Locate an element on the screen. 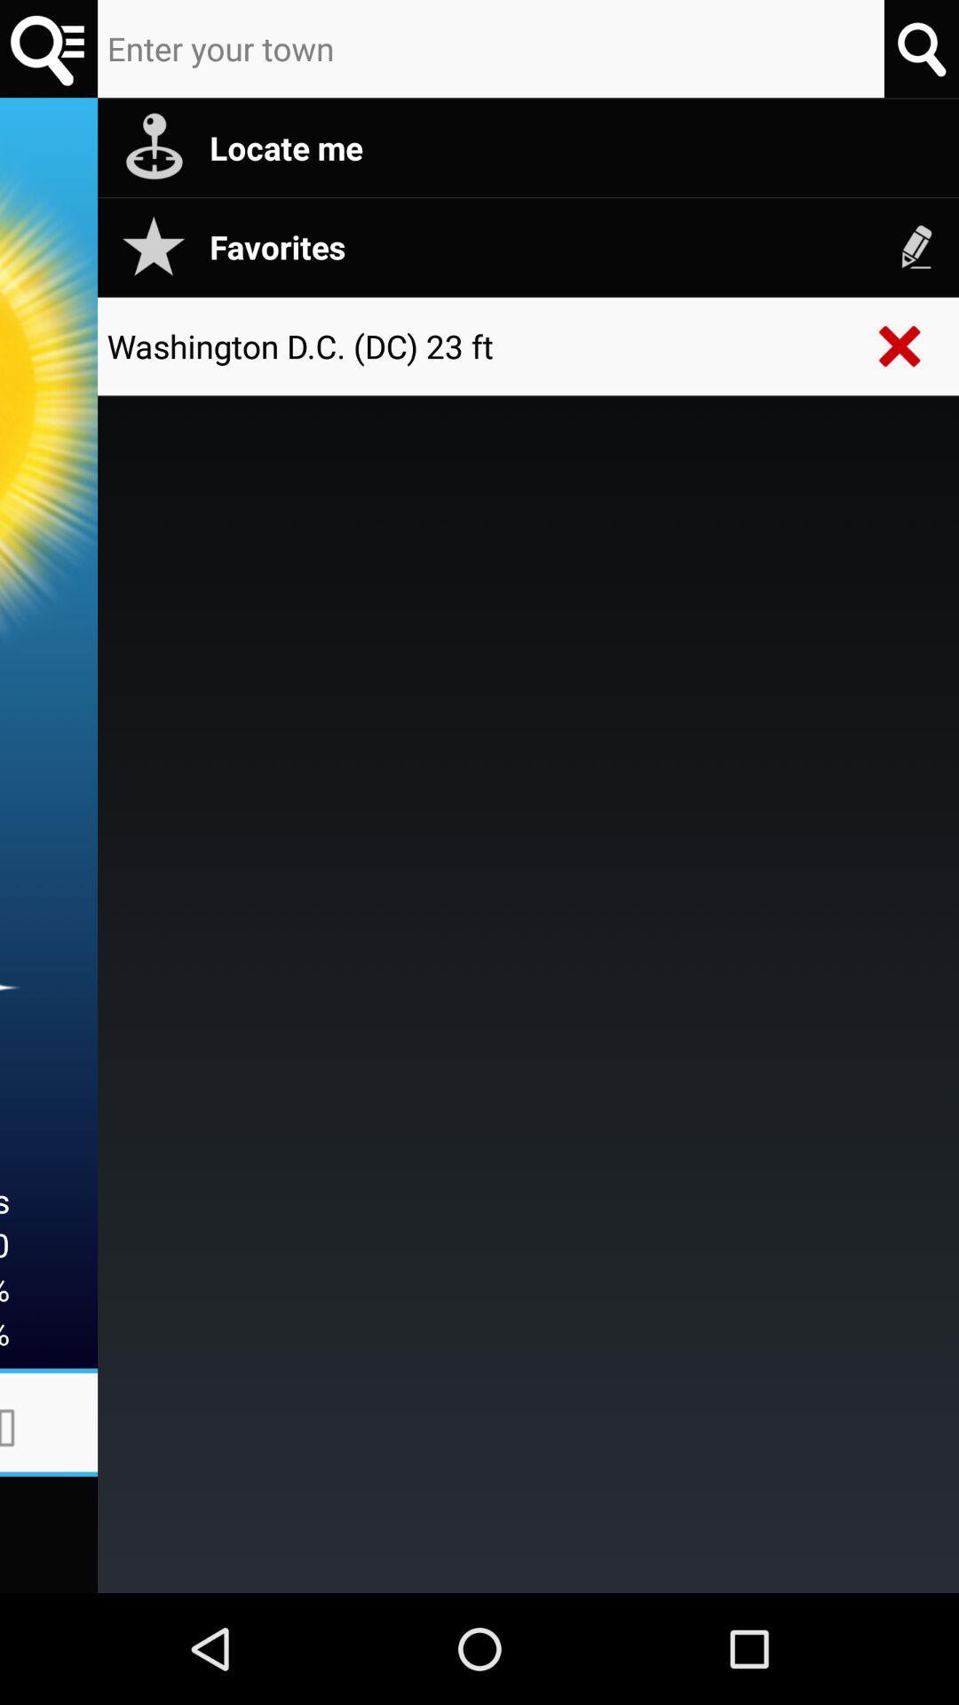 This screenshot has height=1705, width=959. searching box option is located at coordinates (491, 49).